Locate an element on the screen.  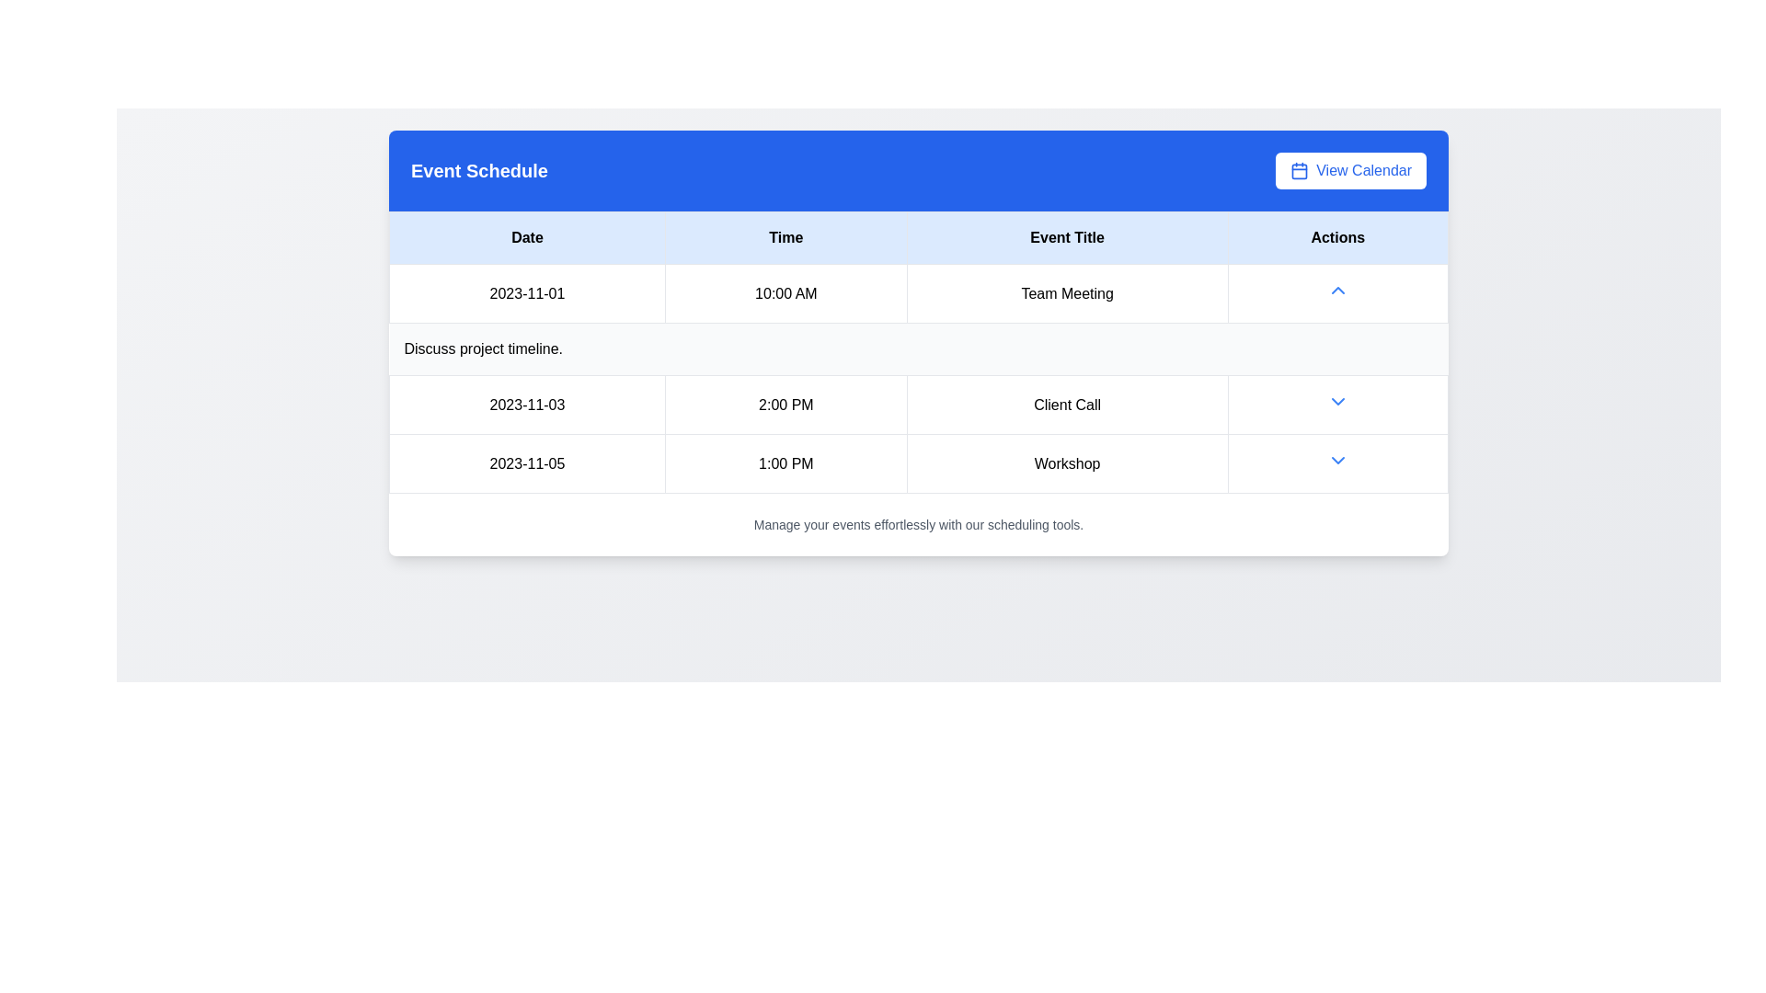
text from the Text field displaying '1:00 PM' in the Time column of the table for the date '2023-11-05' is located at coordinates (786, 462).